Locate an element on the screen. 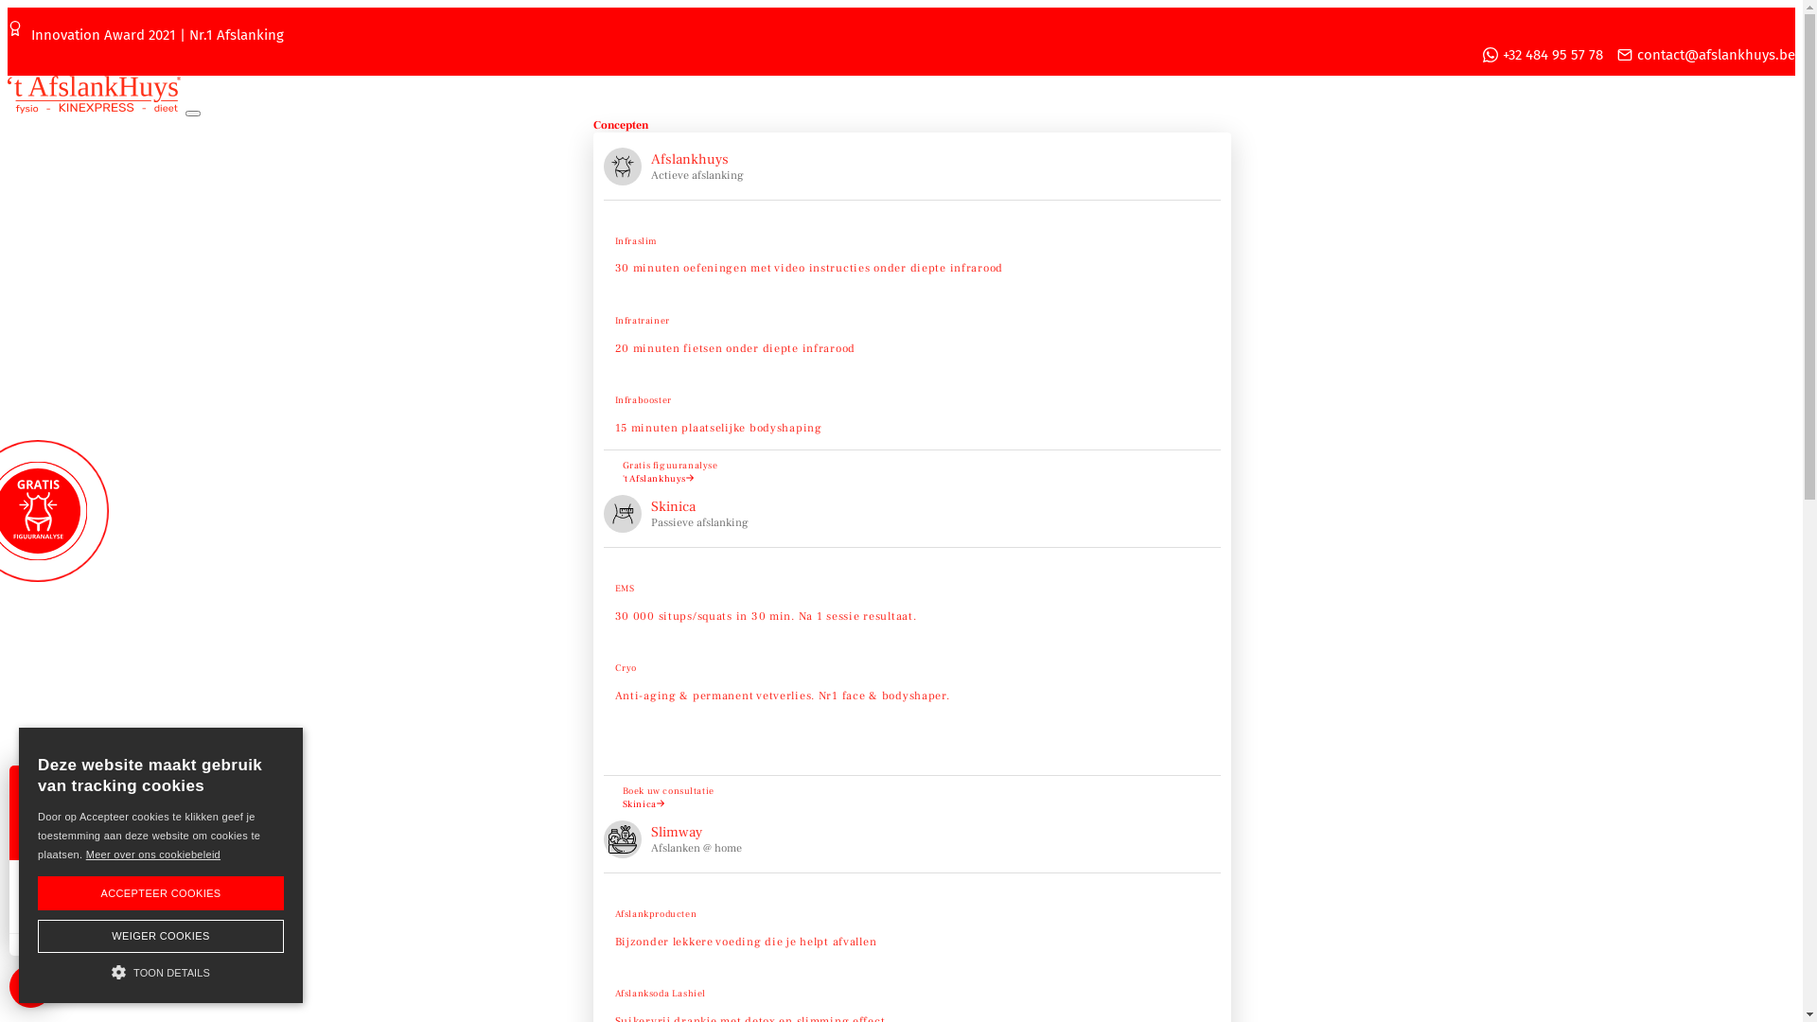  'Concepten' is located at coordinates (619, 125).